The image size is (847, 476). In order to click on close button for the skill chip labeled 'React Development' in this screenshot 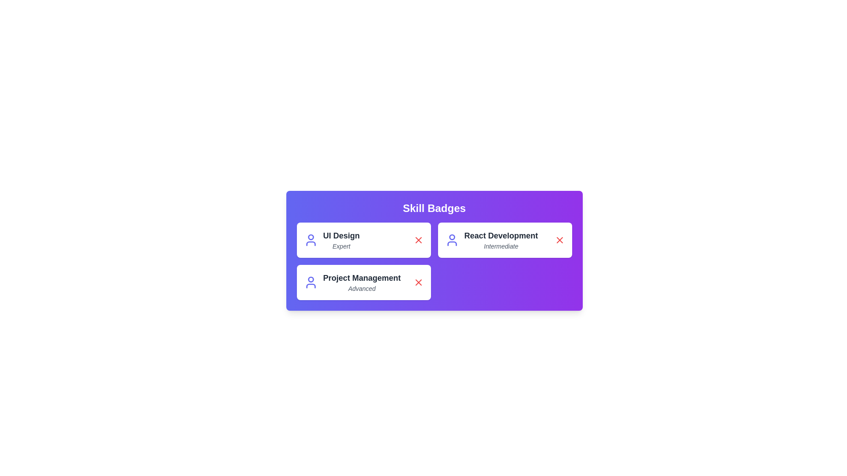, I will do `click(559, 240)`.